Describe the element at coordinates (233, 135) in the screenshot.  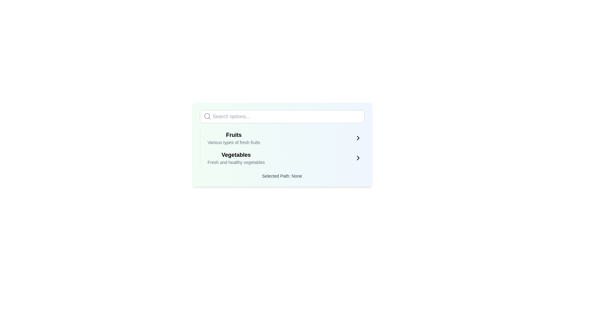
I see `the bold header text labeled 'Fruits', which serves as the title for the section above the descriptive text` at that location.